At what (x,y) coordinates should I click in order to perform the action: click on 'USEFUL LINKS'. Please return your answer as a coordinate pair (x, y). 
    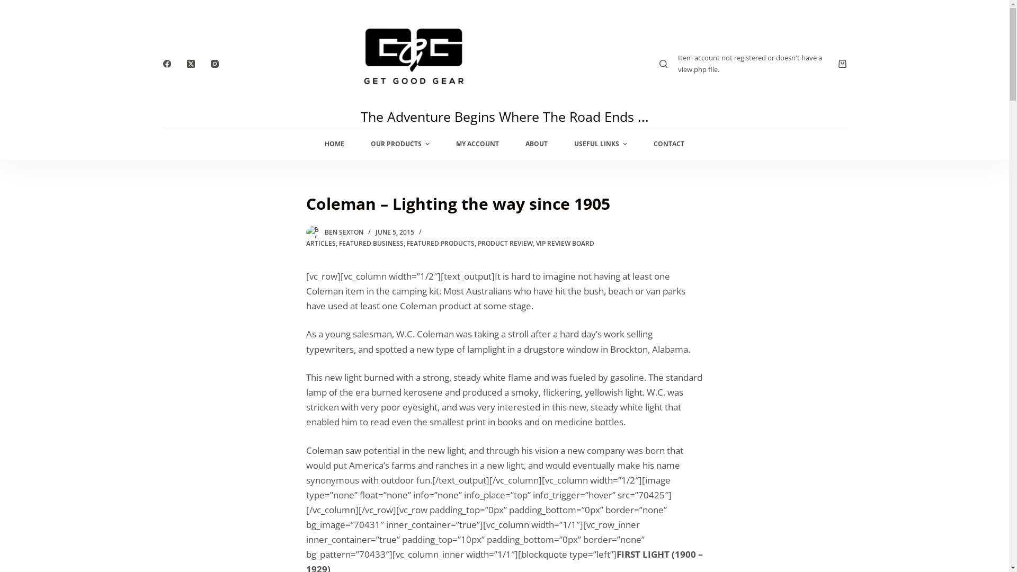
    Looking at the image, I should click on (600, 144).